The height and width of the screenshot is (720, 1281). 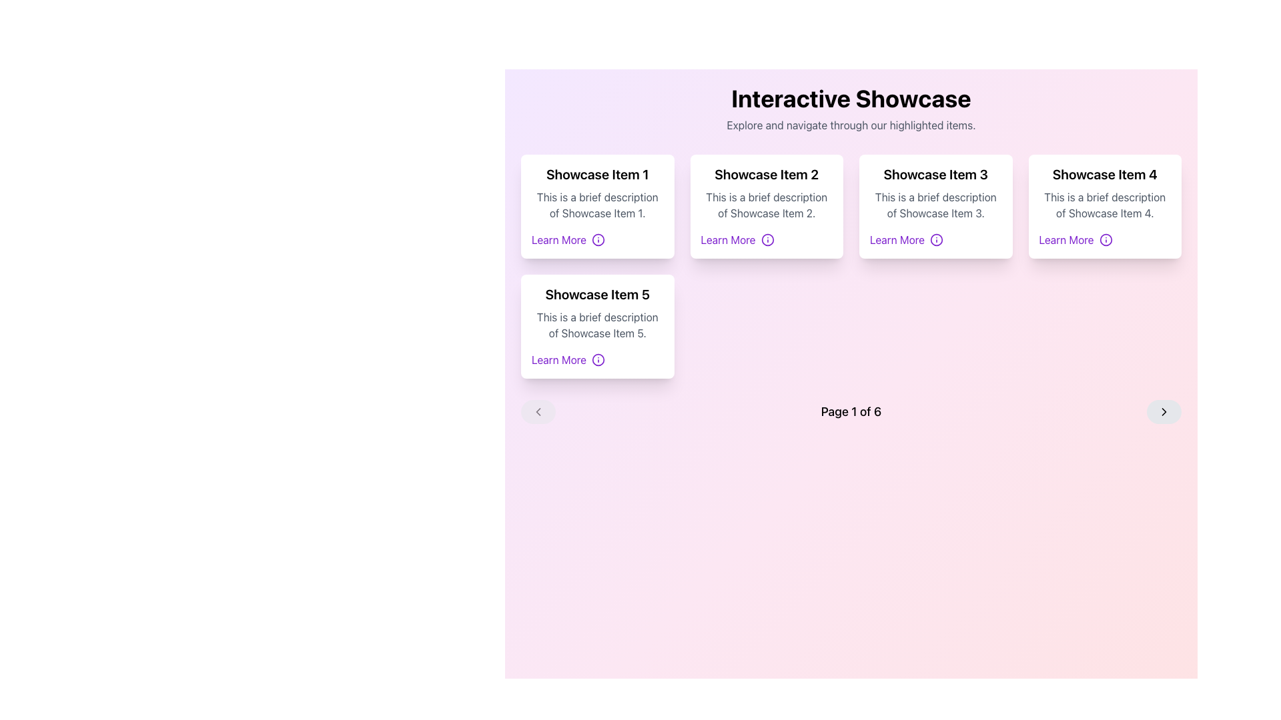 I want to click on paragraph of text styled in gray color located below the heading 'Showcase Item 4' in the fourth card of the grid layout, so click(x=1105, y=205).